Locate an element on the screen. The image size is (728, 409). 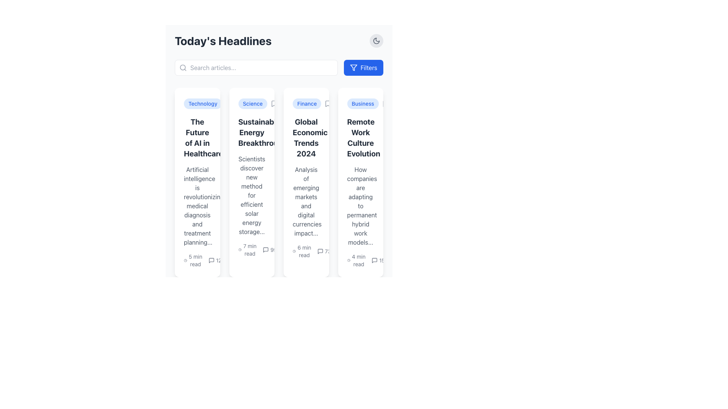
summary text 'Analysis of emerging markets and digital currencies impact...' located below the title in the 'Global Economic Trends 2024' card is located at coordinates (306, 201).